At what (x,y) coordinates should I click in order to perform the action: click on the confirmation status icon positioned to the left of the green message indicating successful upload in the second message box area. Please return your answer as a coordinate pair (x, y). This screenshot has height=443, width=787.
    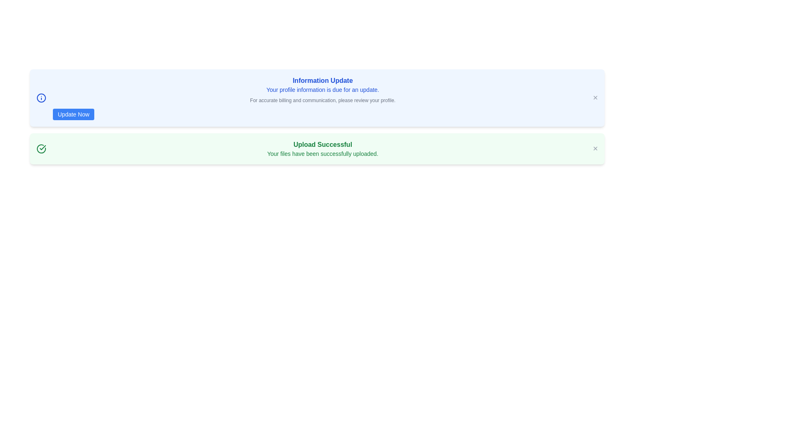
    Looking at the image, I should click on (42, 147).